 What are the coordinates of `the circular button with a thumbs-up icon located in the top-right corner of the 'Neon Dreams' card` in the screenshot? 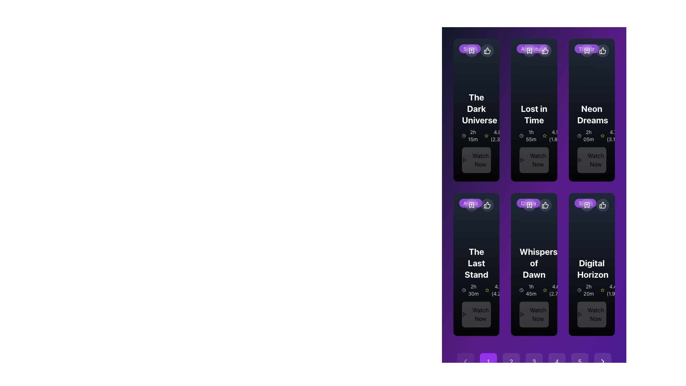 It's located at (602, 50).